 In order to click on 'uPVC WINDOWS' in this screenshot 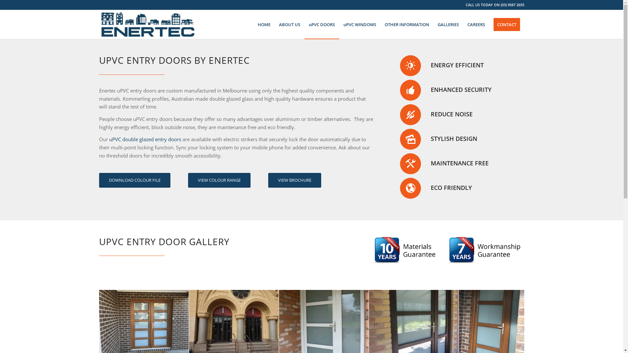, I will do `click(339, 24)`.